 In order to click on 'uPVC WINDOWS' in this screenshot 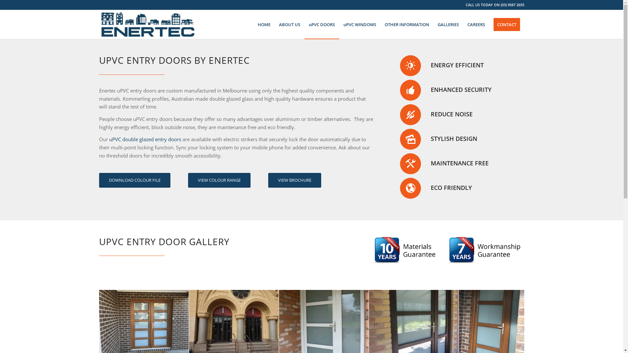, I will do `click(339, 24)`.